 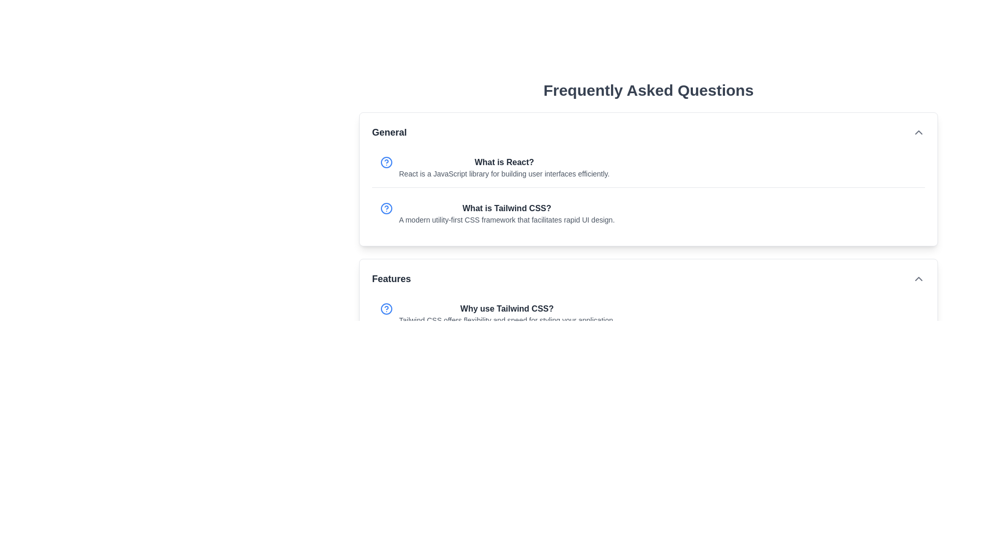 I want to click on the text reading 'Tailwind CSS offers flexibility and speed for styling your application.' located beneath the heading 'Why use Tailwind CSS?' in the 'Features' section, so click(x=507, y=319).